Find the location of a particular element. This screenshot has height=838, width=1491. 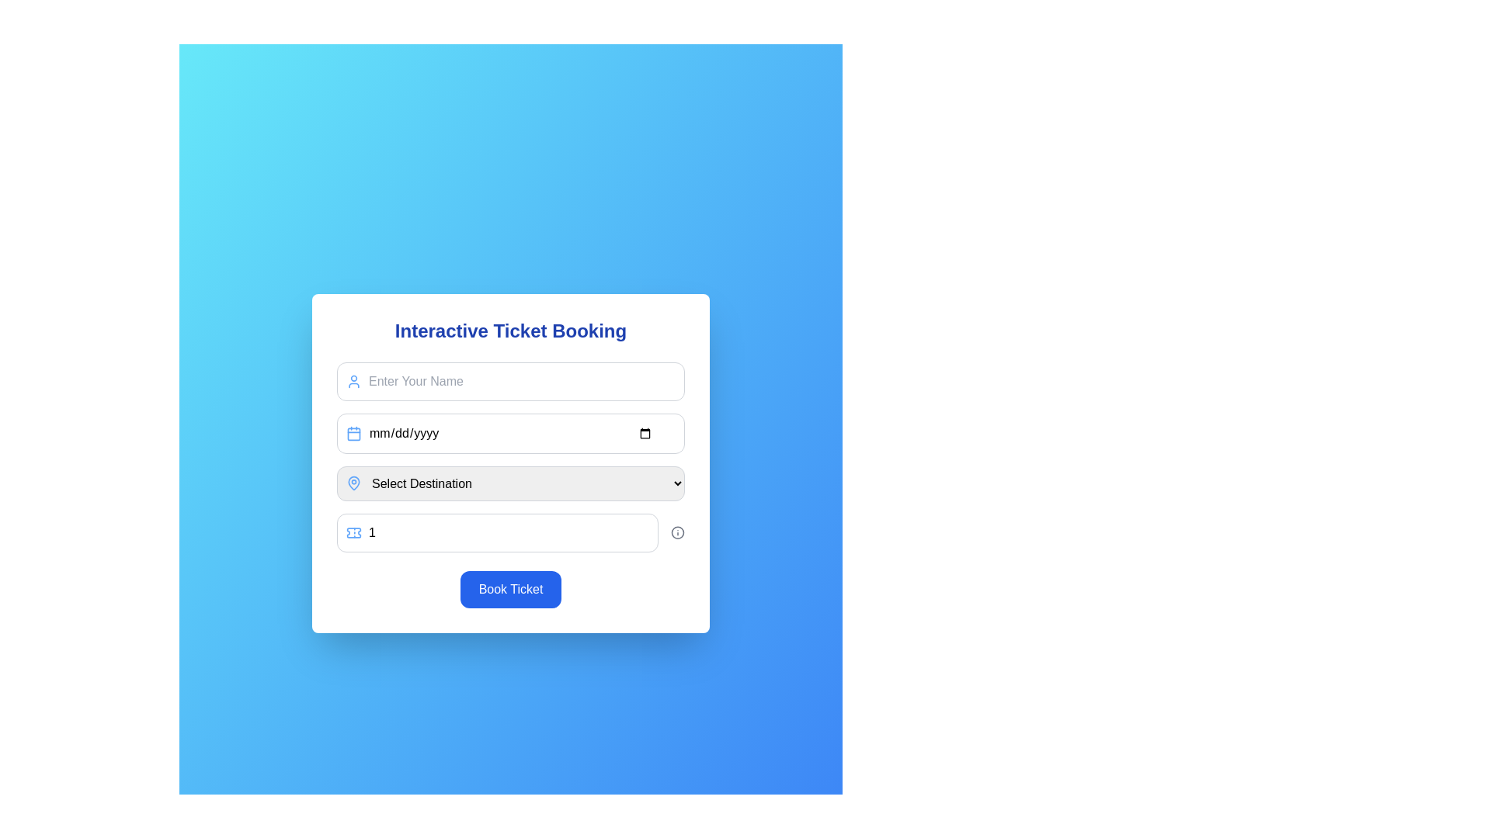

the small blue calendar icon located inside the date input field, to the left of the placeholder text 'mm/dd/yyyy', for additional hints or interactivity is located at coordinates (353, 433).